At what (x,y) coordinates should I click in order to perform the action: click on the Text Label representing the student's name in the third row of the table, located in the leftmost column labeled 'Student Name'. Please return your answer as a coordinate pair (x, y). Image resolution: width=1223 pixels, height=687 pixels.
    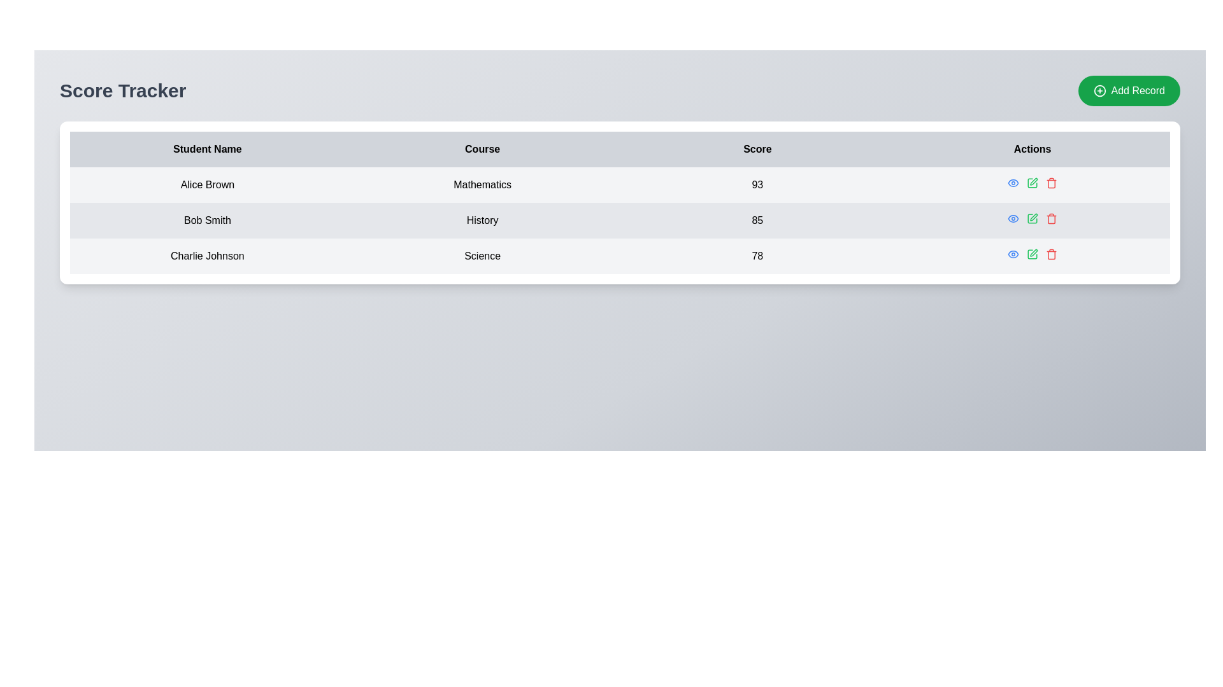
    Looking at the image, I should click on (207, 256).